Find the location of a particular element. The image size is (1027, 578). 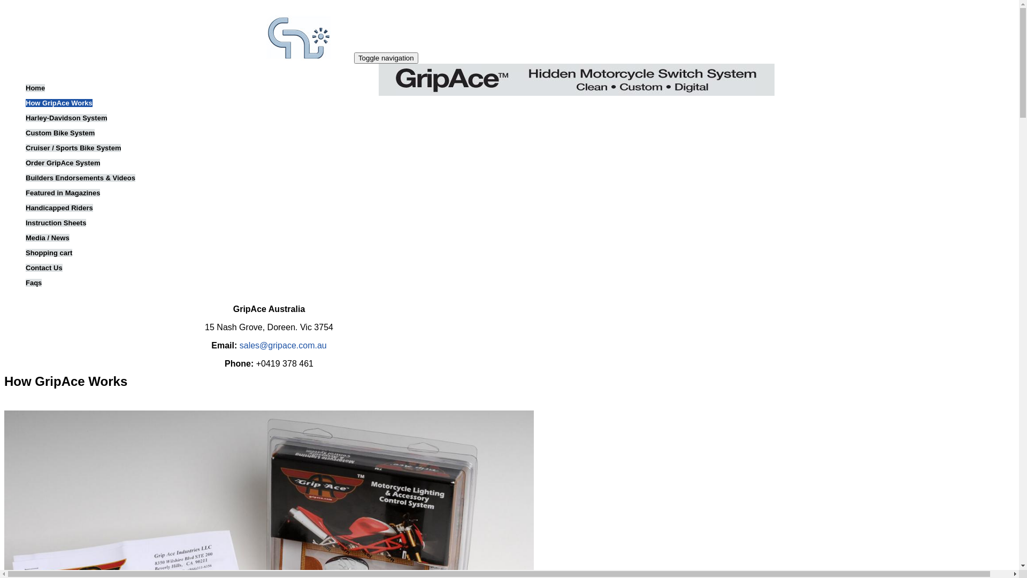

'Contact Us' is located at coordinates (43, 267).